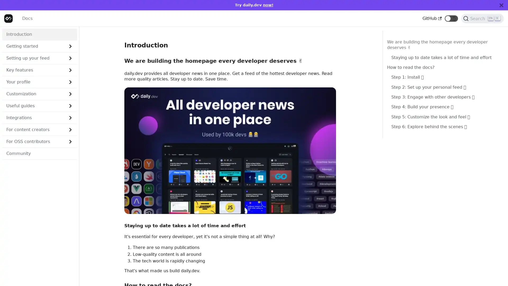  I want to click on Search, so click(482, 18).